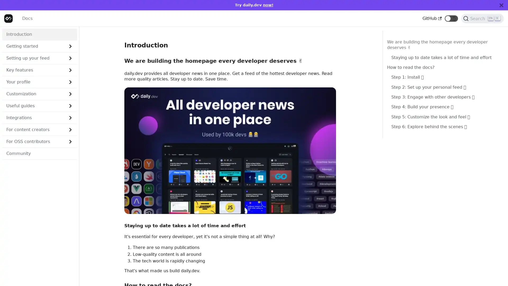  I want to click on Search, so click(482, 18).